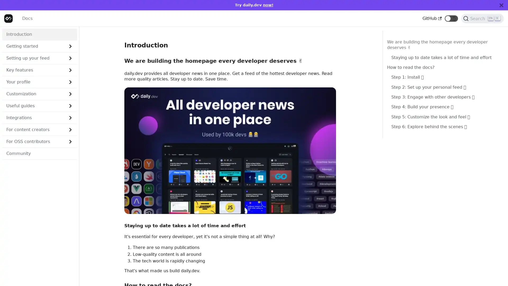  I want to click on Search, so click(482, 18).